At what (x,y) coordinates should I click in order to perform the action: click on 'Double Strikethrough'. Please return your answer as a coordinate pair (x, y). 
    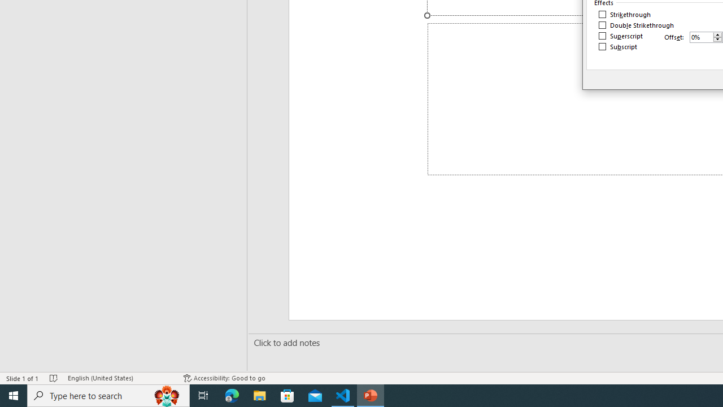
    Looking at the image, I should click on (637, 25).